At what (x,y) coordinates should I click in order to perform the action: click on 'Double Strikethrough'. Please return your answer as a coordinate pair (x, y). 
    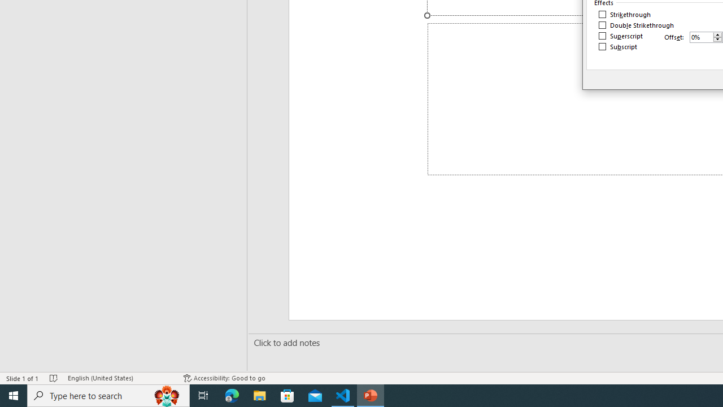
    Looking at the image, I should click on (637, 25).